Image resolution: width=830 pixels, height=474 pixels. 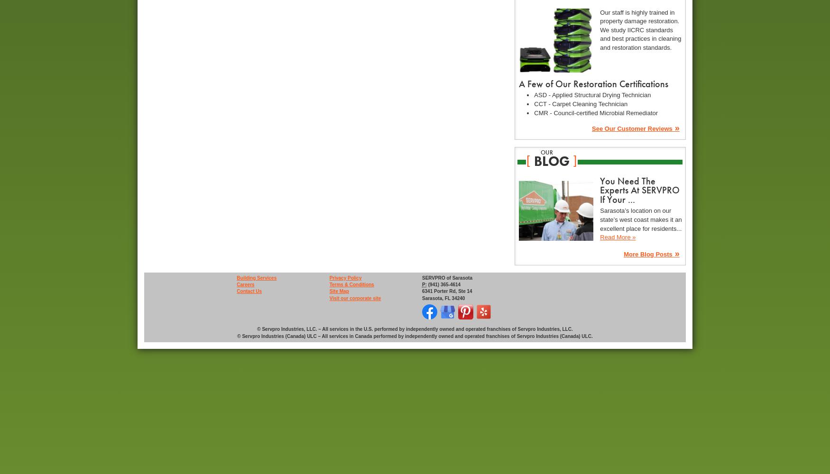 I want to click on 'You Need The Experts At SERVPRO If Your ...', so click(x=599, y=190).